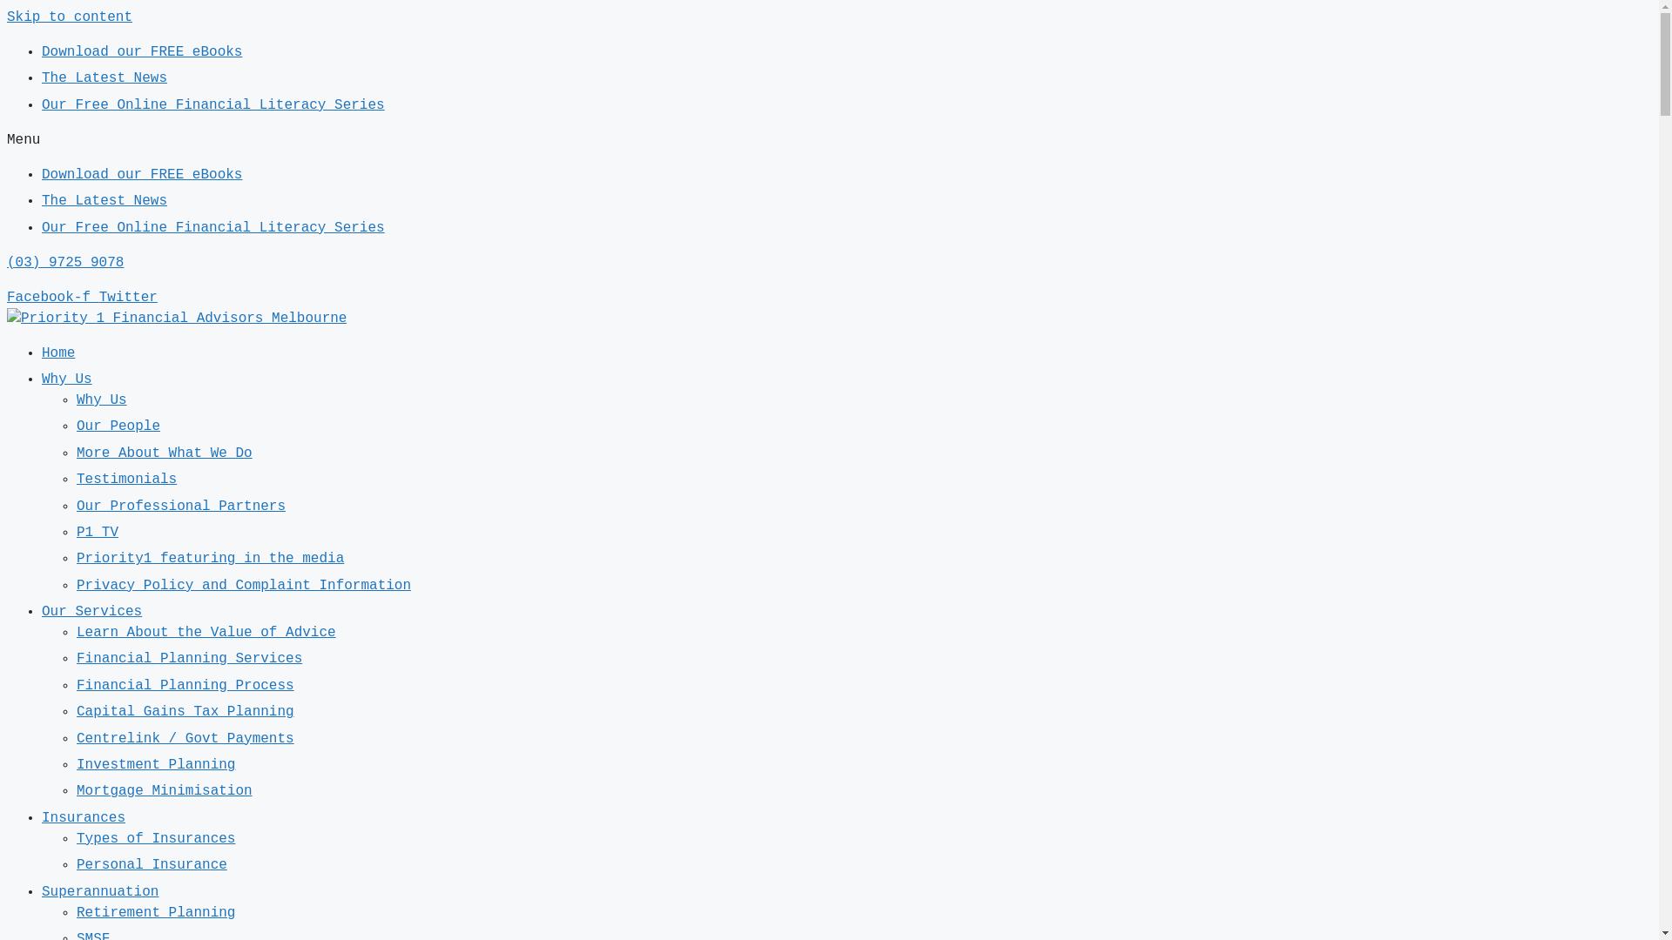 The image size is (1672, 940). I want to click on 'Learn About the Value of Advice', so click(206, 632).